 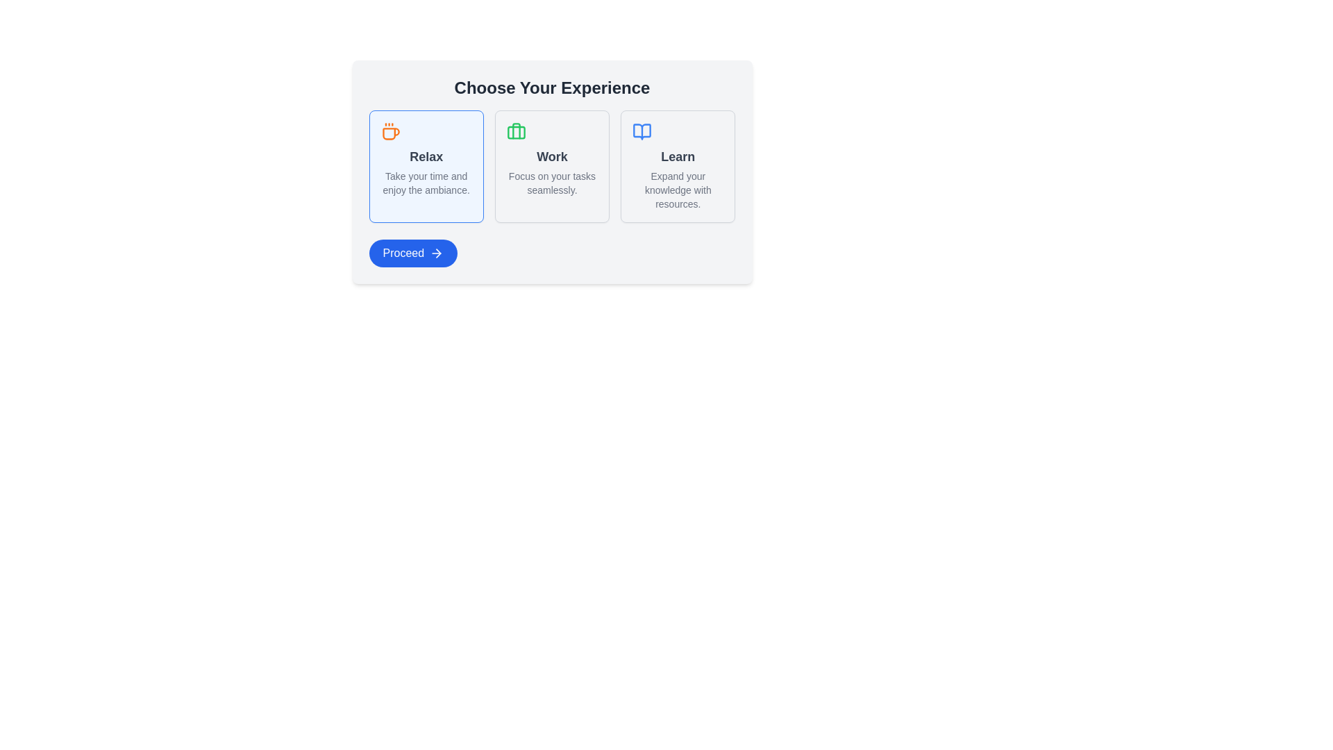 What do you see at coordinates (390, 133) in the screenshot?
I see `the coffee cup icon located in the top left box labeled 'Relax' in the 'Choose Your Experience' section` at bounding box center [390, 133].